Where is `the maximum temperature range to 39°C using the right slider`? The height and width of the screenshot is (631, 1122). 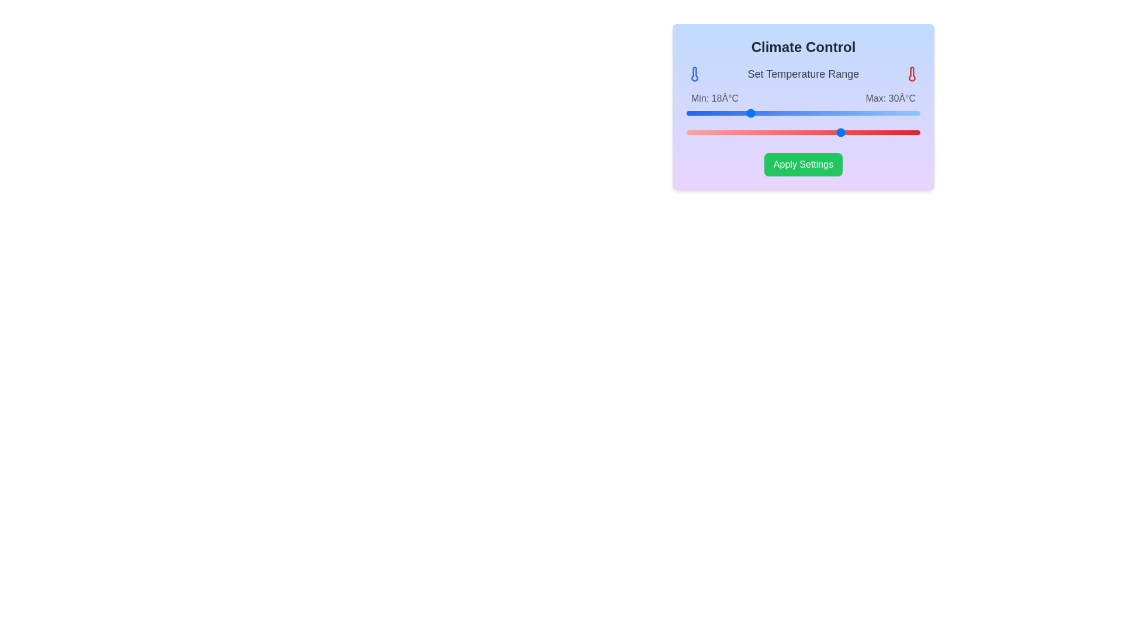 the maximum temperature range to 39°C using the right slider is located at coordinates (912, 132).